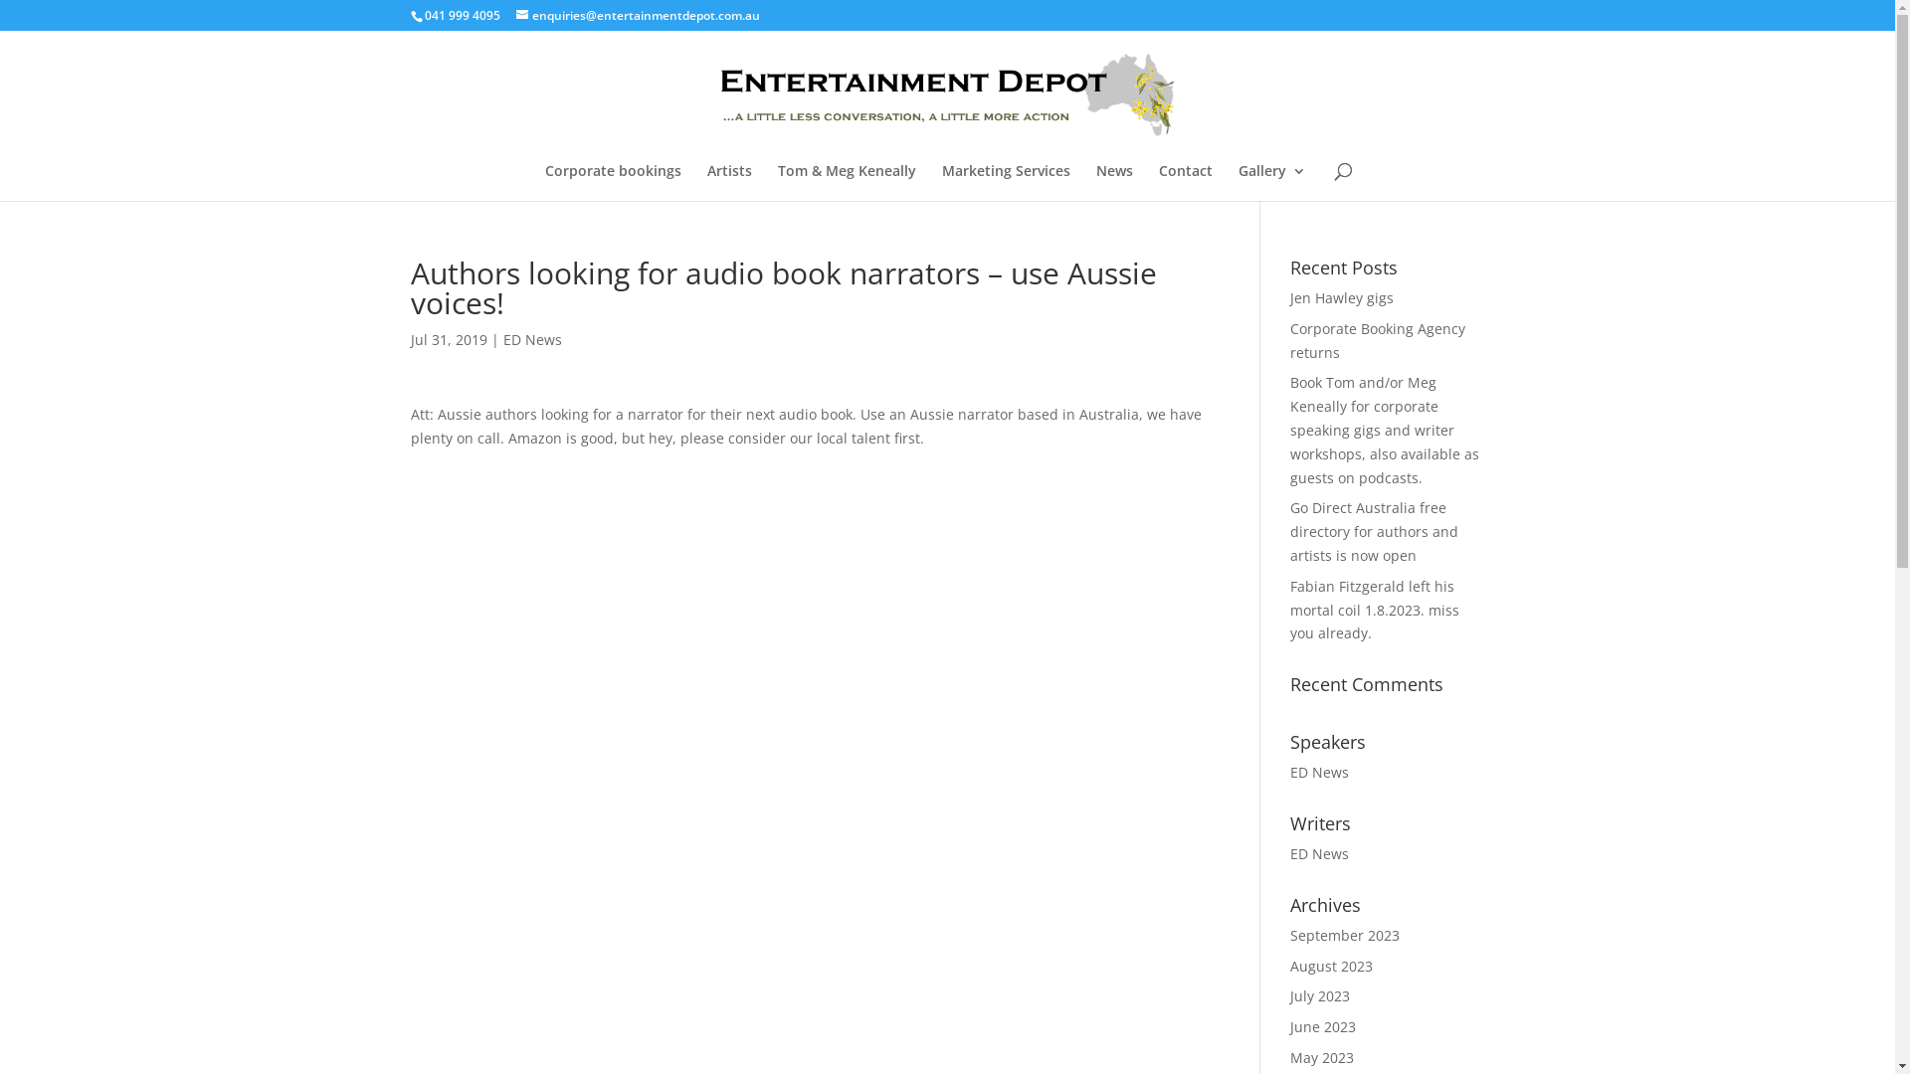  What do you see at coordinates (1319, 995) in the screenshot?
I see `'July 2023'` at bounding box center [1319, 995].